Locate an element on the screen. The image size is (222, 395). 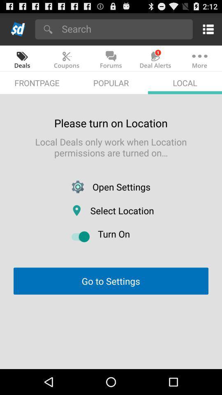
the item to the right of frontpage app is located at coordinates (111, 83).